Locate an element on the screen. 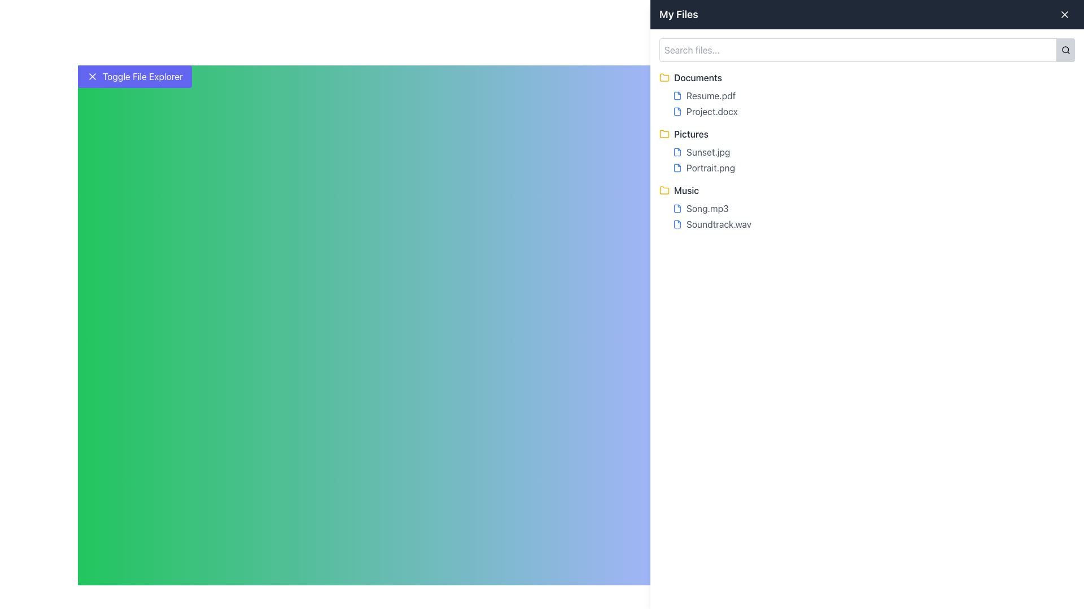  the small file icon representing 'Resume.pdf' located to the left of the text in the 'Documents' section of the file explorer is located at coordinates (677, 95).